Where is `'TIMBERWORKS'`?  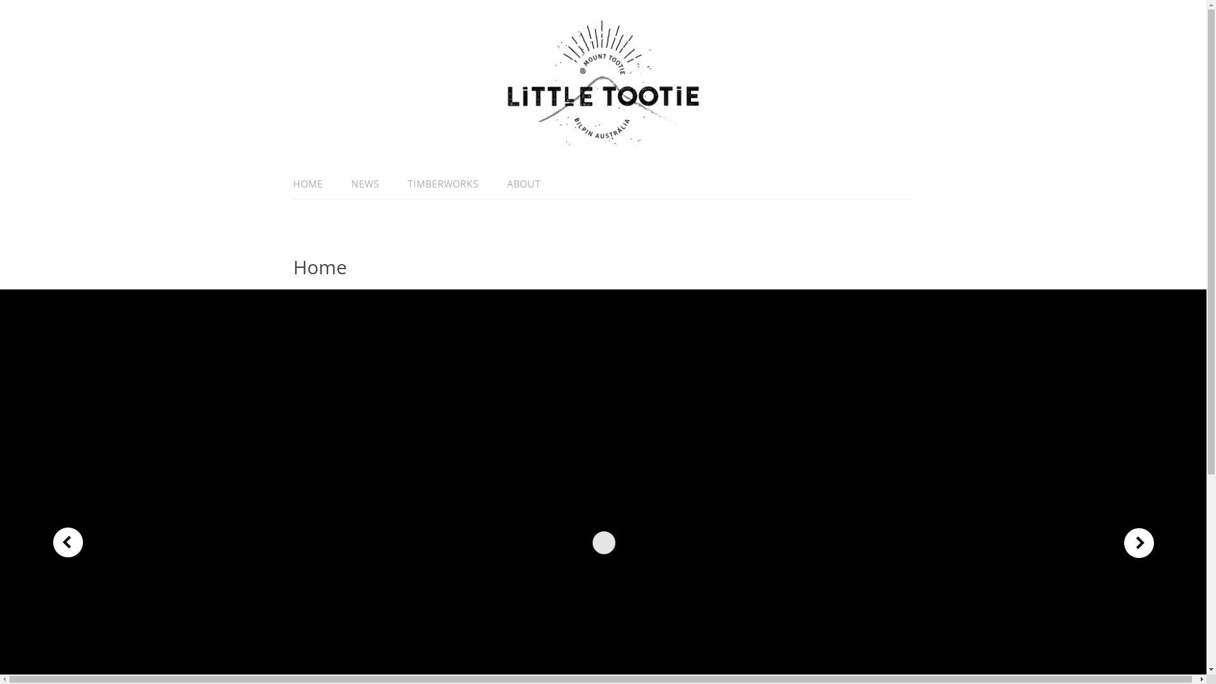 'TIMBERWORKS' is located at coordinates (443, 184).